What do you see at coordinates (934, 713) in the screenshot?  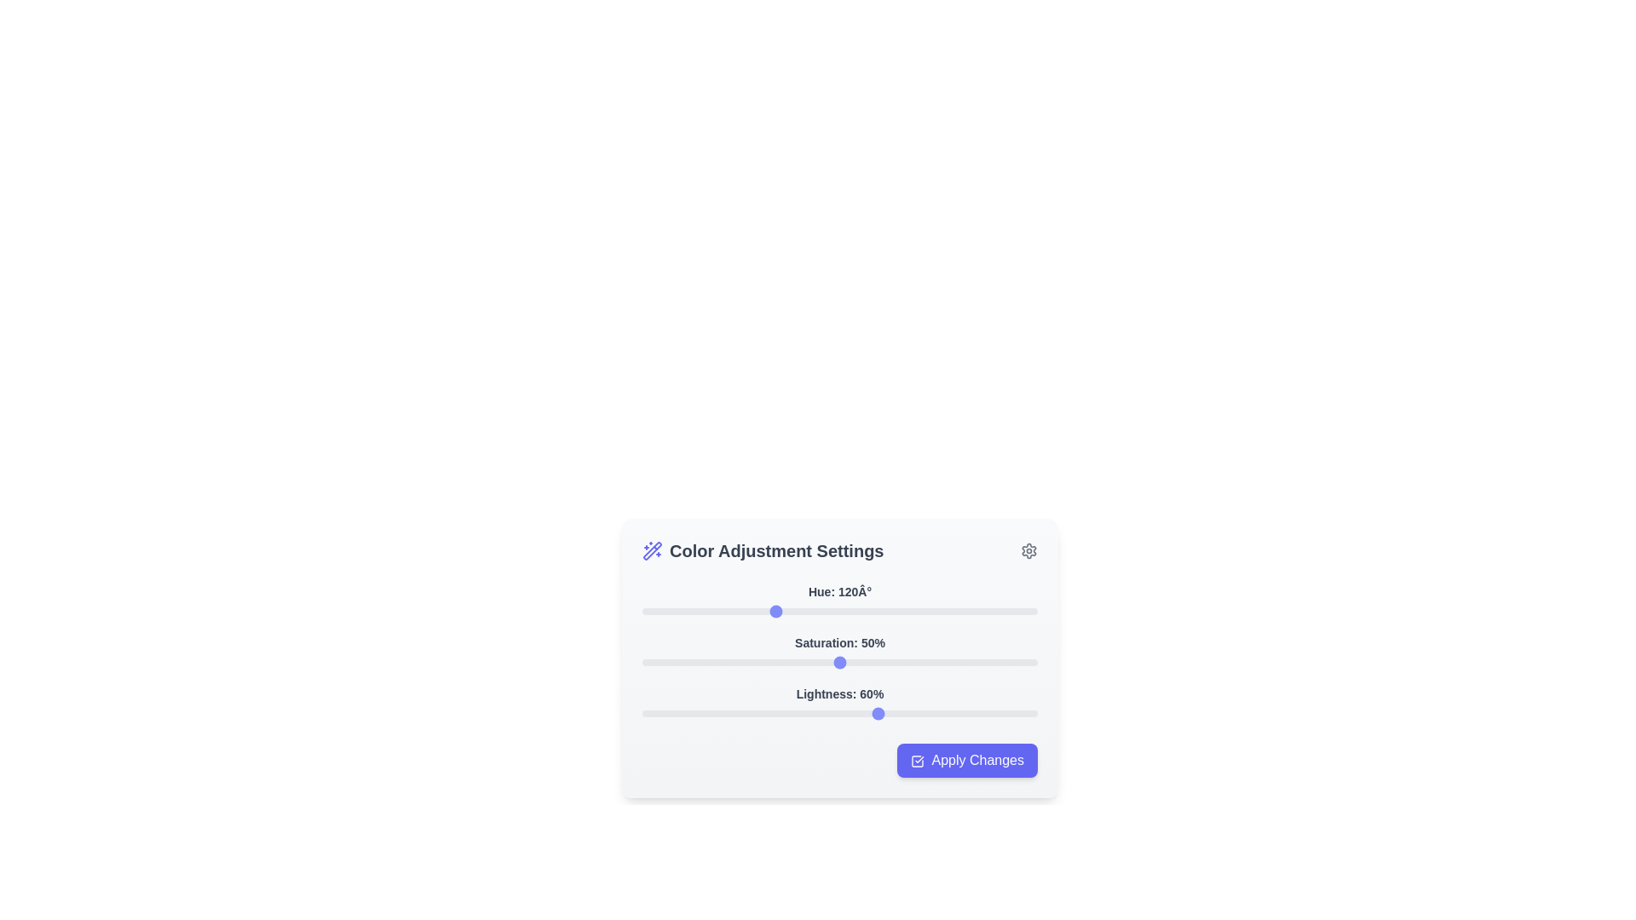 I see `the lightness` at bounding box center [934, 713].